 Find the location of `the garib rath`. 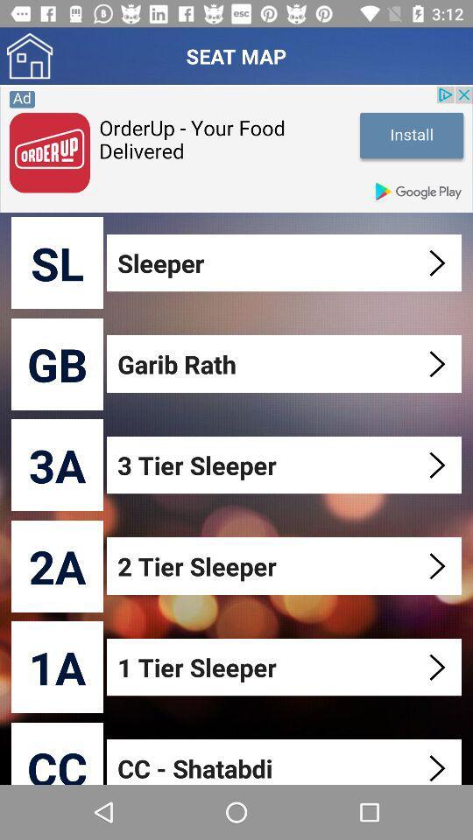

the garib rath is located at coordinates (286, 363).